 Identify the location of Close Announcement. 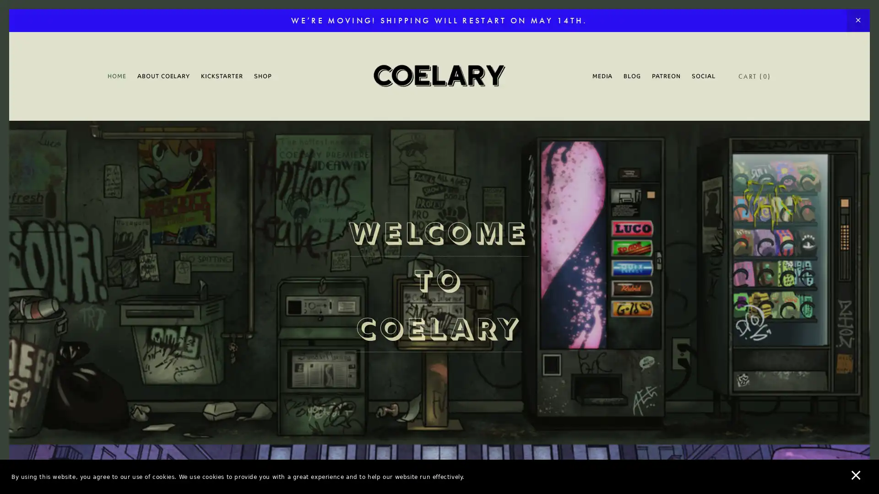
(857, 21).